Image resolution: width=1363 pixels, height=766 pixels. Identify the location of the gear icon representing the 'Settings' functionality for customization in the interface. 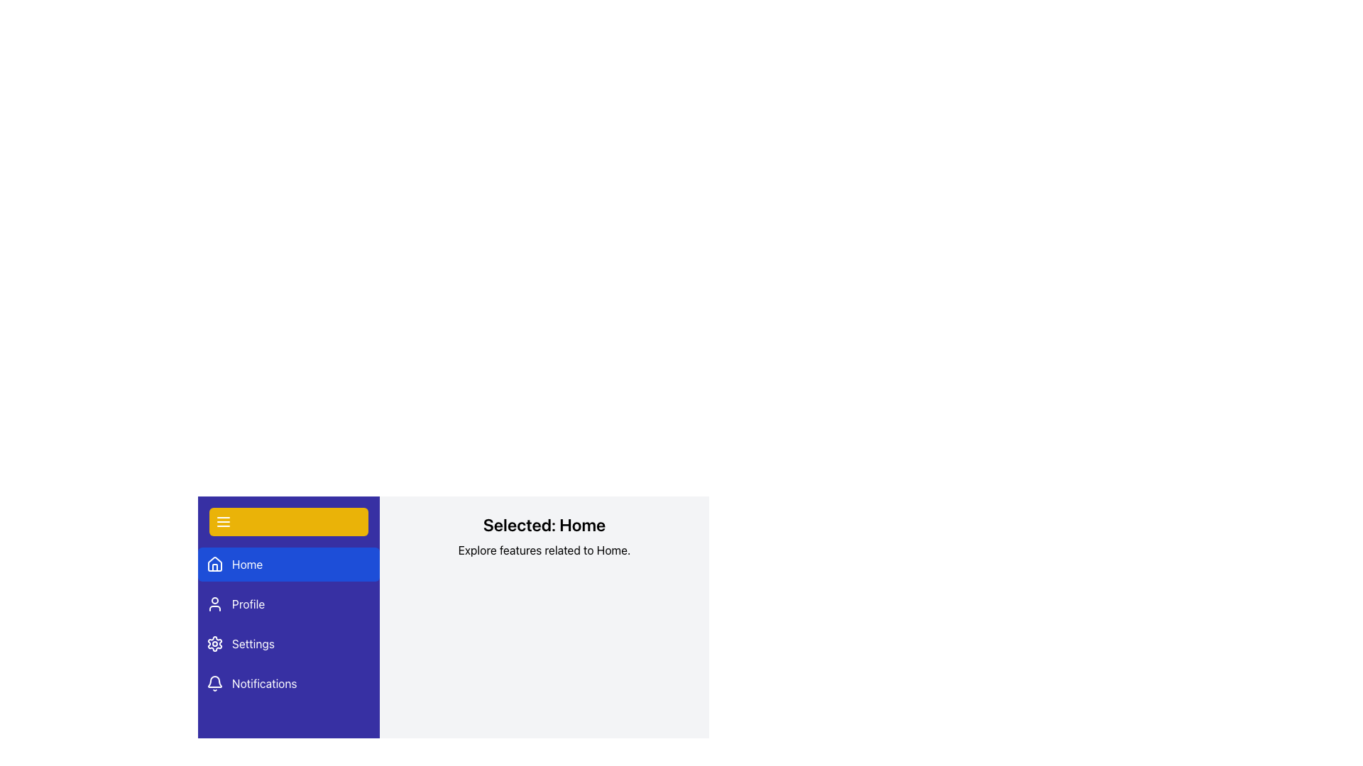
(214, 643).